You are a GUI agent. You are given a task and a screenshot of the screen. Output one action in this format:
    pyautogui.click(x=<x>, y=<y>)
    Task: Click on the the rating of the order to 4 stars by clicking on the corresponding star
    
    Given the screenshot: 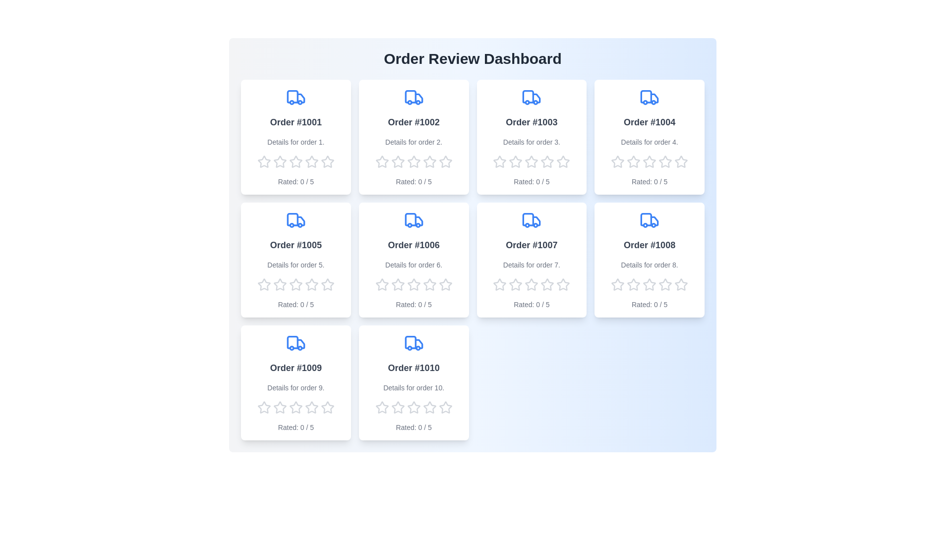 What is the action you would take?
    pyautogui.click(x=311, y=161)
    